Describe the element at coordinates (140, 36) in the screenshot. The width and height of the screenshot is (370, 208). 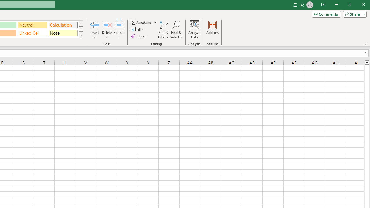
I see `'Clear'` at that location.